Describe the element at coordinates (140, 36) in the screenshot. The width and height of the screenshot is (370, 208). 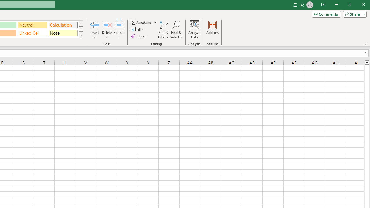
I see `'Clear'` at that location.